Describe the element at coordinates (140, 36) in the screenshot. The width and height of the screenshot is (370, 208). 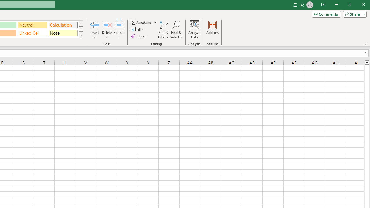
I see `'Clear'` at that location.